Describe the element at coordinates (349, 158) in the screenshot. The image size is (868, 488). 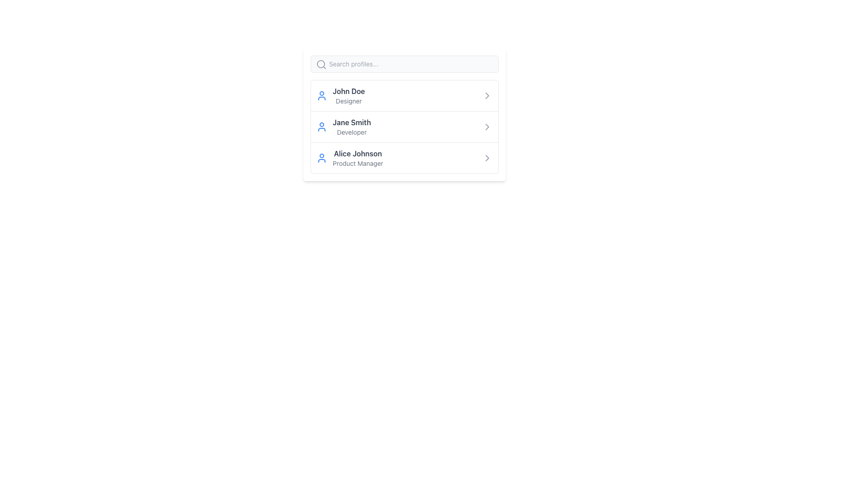
I see `the List item displaying the profile of 'Alice Johnson', which includes a blue user icon and bold gray text for the name` at that location.